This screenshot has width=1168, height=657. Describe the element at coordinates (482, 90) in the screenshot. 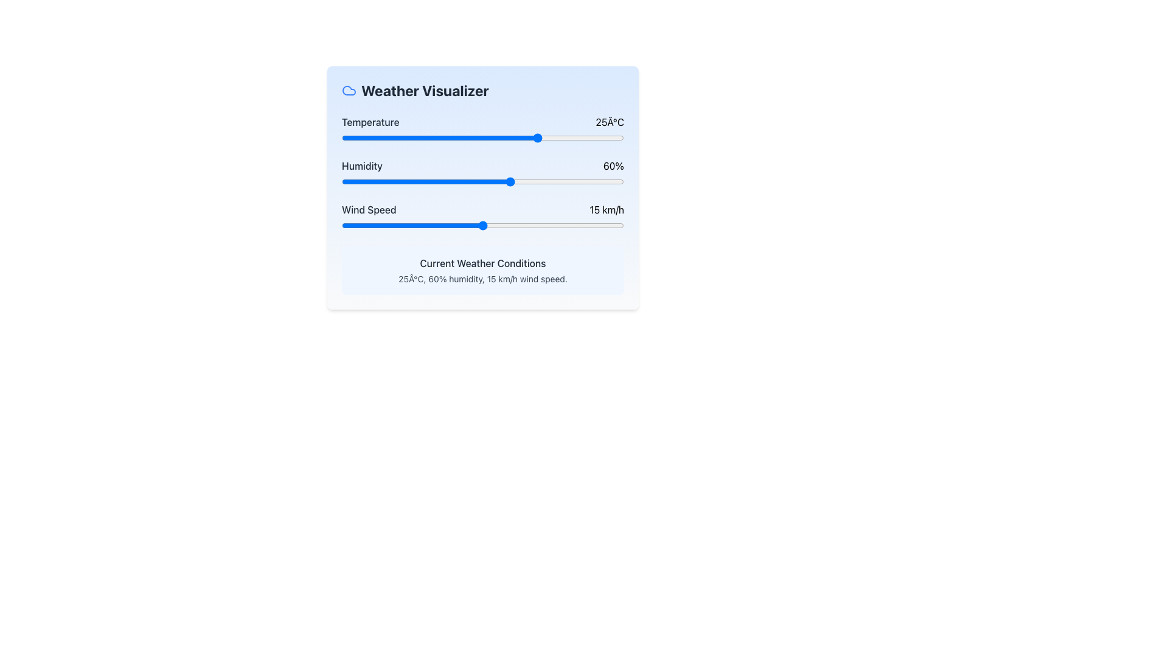

I see `the Header titled 'Weather Visualizer' which features a cloud icon on the left, prominently displayed with bold black text against a light blue background` at that location.